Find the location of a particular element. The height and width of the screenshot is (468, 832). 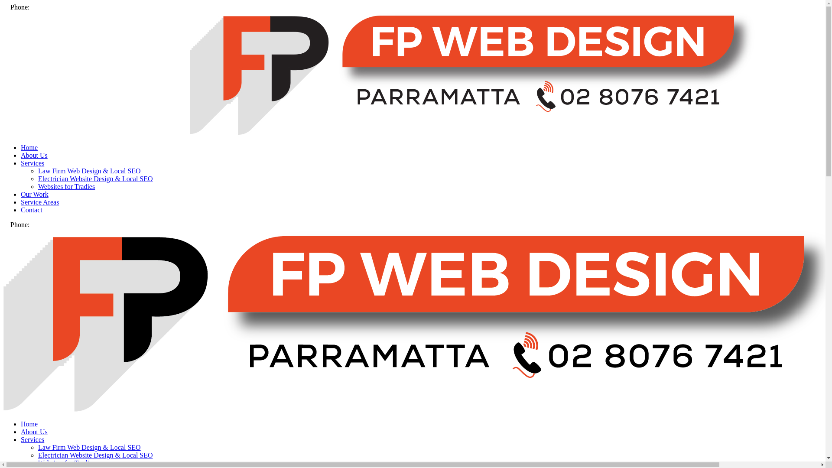

'Service Areas' is located at coordinates (39, 202).